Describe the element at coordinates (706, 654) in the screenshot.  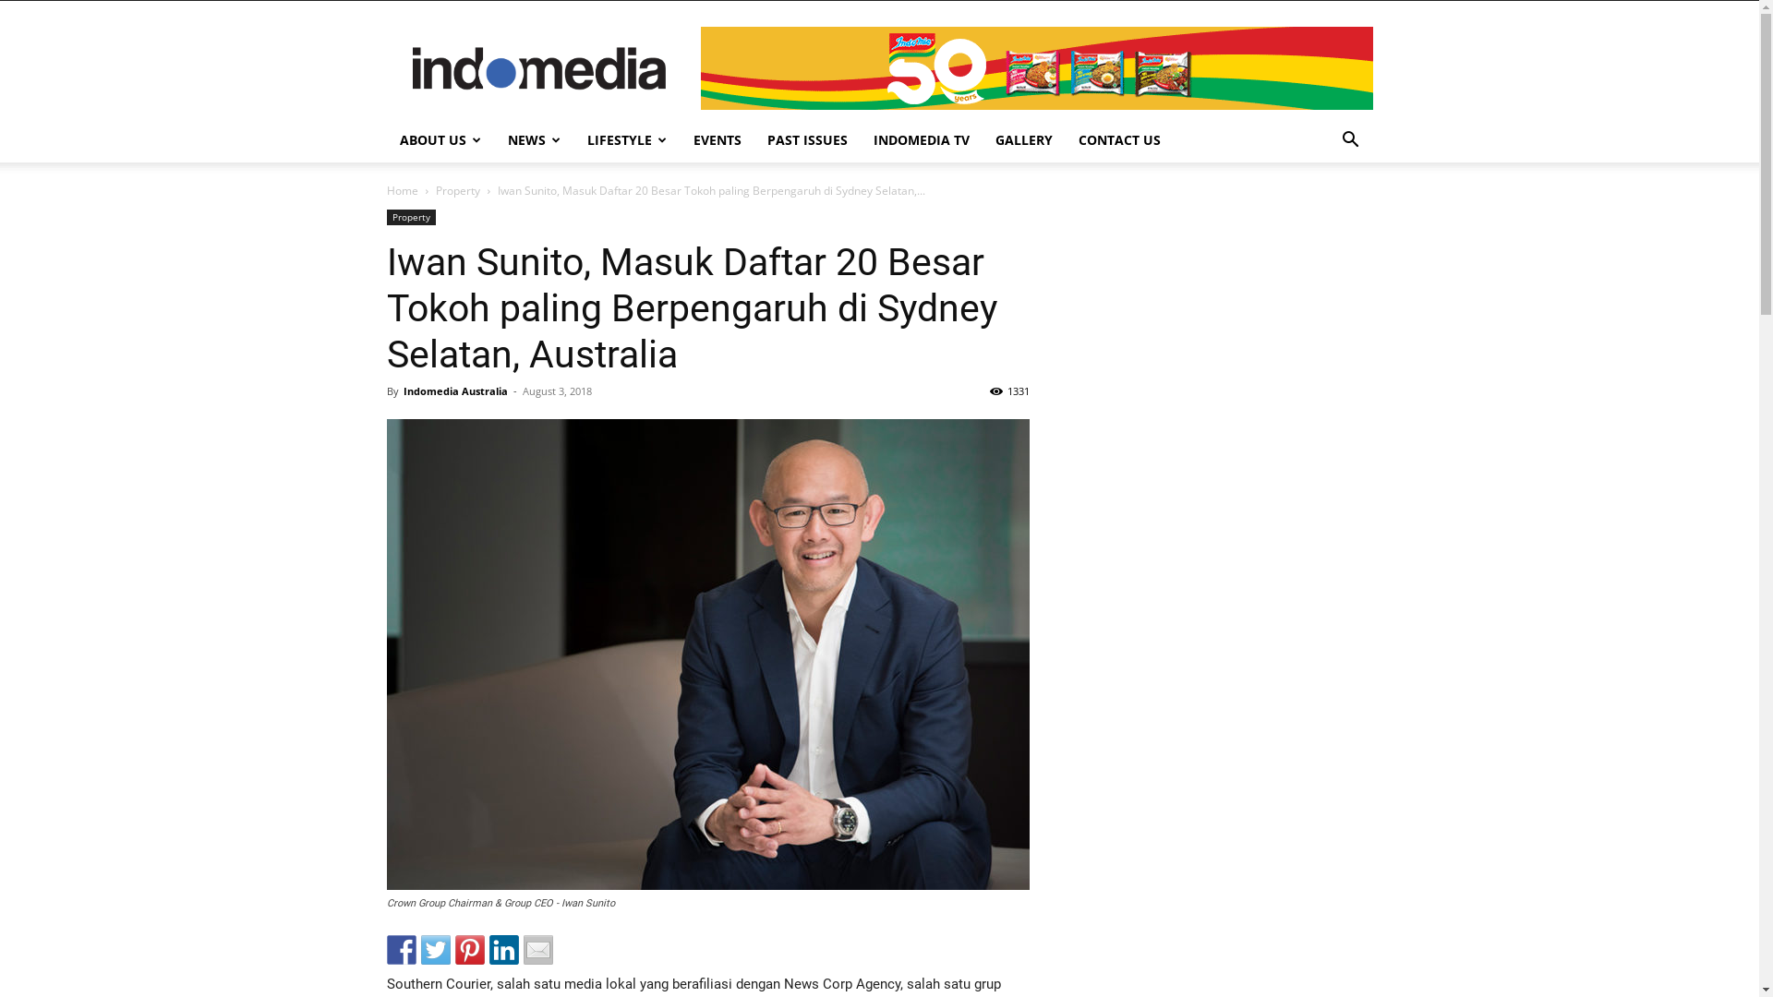
I see `'property iwan sunito'` at that location.